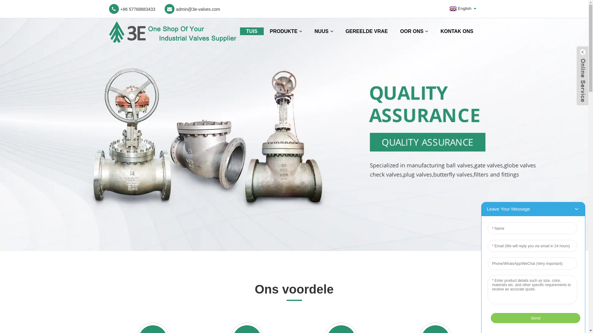  I want to click on 'PRODUKTE', so click(286, 31).